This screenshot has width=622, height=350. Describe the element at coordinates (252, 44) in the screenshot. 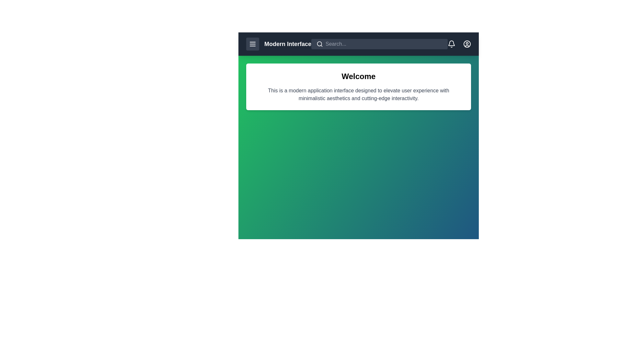

I see `the menu button to open the menu` at that location.